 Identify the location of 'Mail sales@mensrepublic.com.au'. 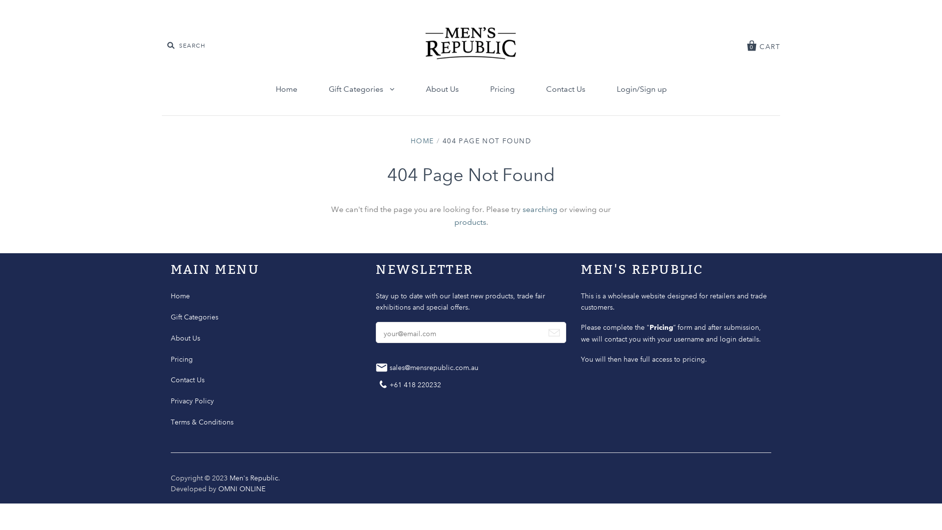
(375, 369).